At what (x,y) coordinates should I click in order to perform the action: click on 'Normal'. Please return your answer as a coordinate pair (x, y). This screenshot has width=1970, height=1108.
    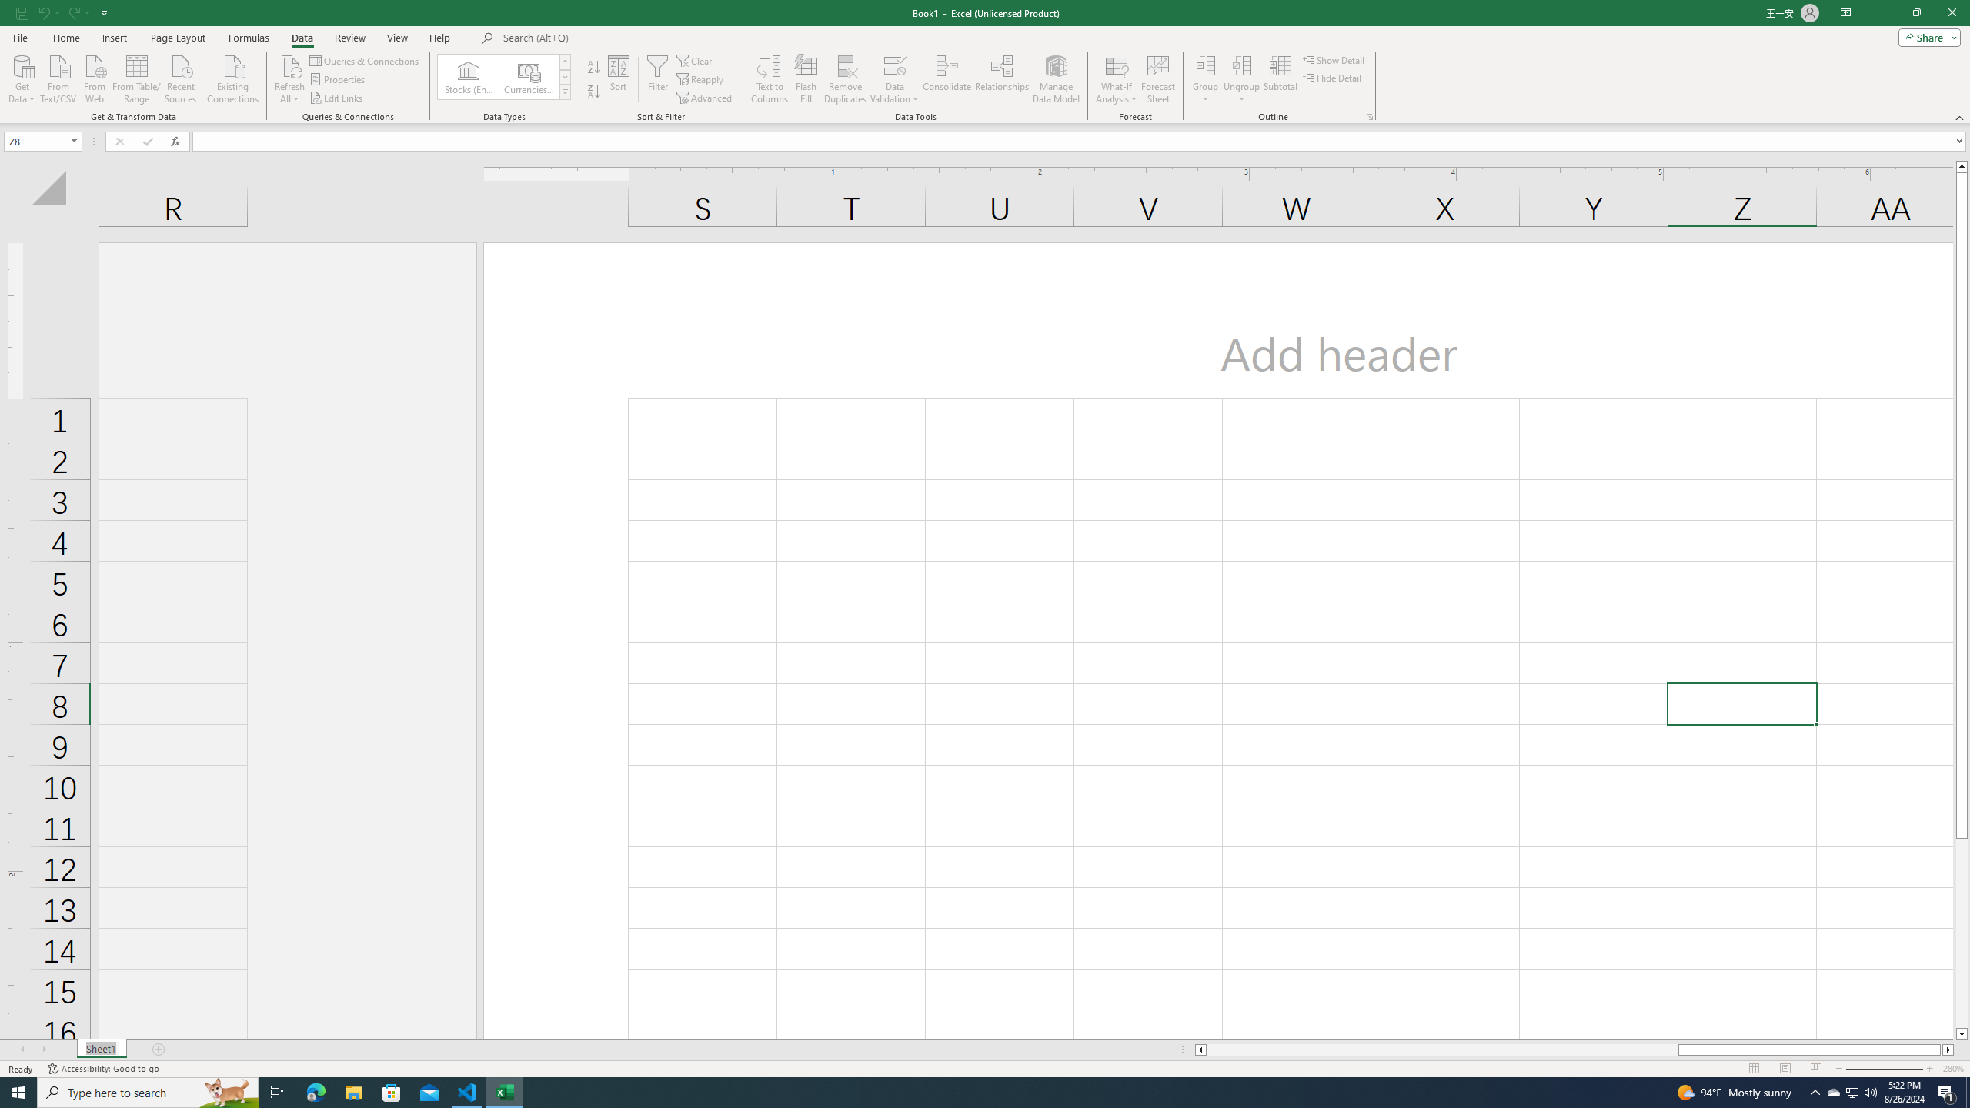
    Looking at the image, I should click on (1753, 1069).